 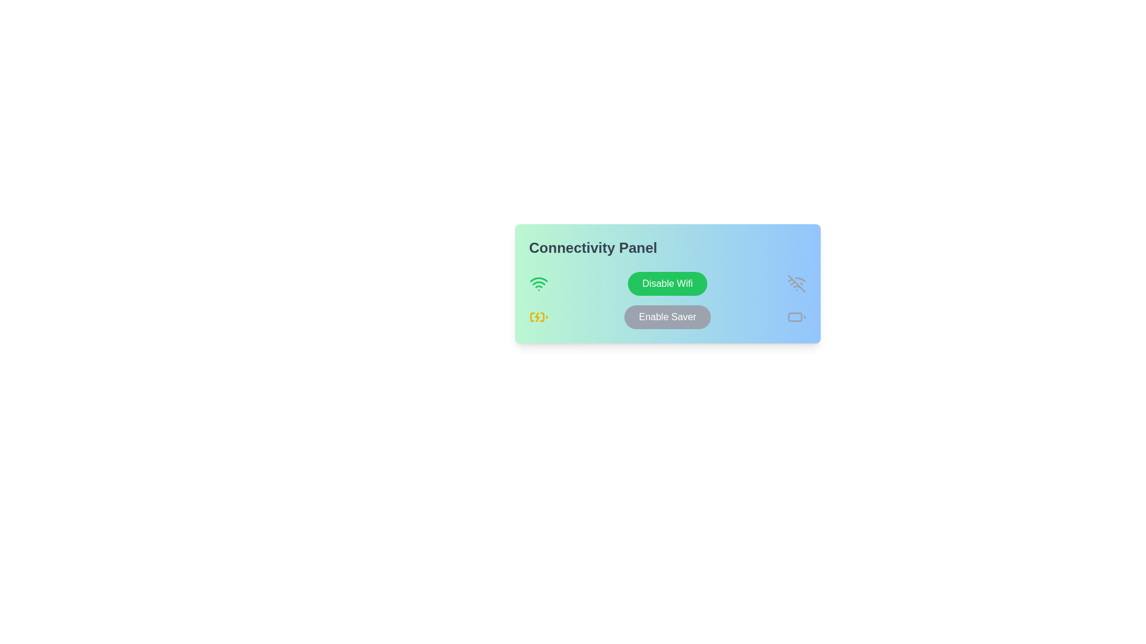 I want to click on the rounded rectangular button with a green background and white text that reads 'Disable Wifi', so click(x=667, y=283).